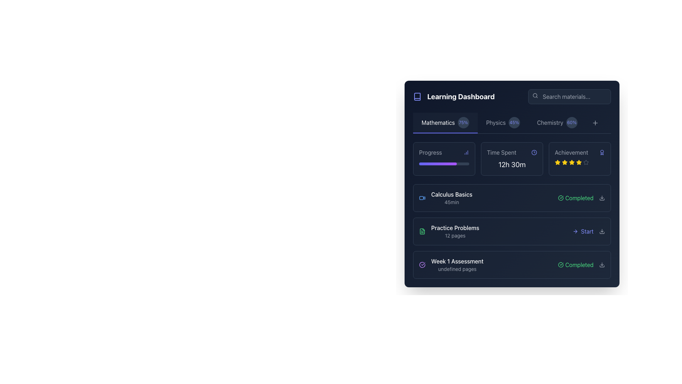 Image resolution: width=682 pixels, height=384 pixels. I want to click on the decorative outer border of the clock icon in the 'Time Spent' widget on the 'Learning Dashboard', so click(534, 152).